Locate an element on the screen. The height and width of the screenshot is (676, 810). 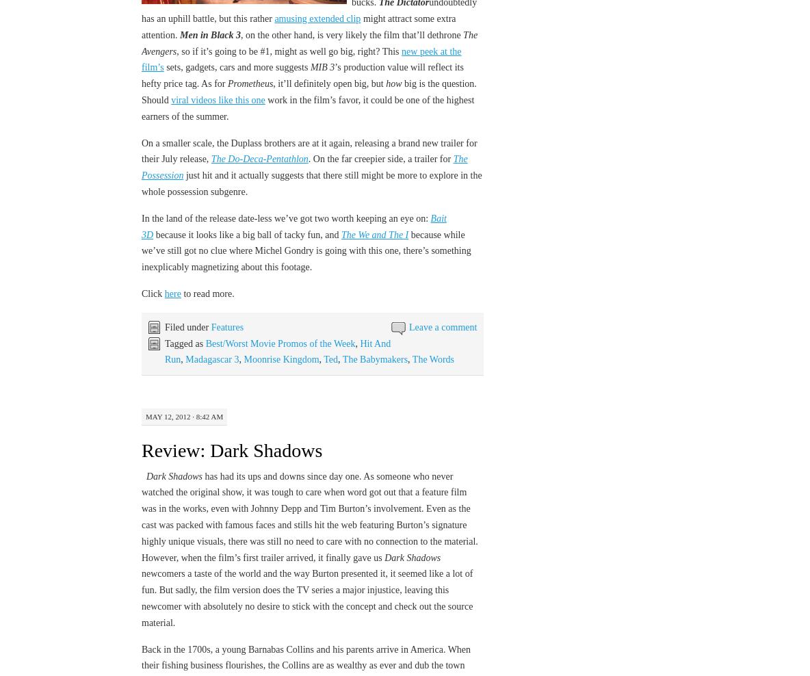
'because while we’ve still got no clue where Michel Gondry is going with this one, there’s something inexplicably magnetizing about this footage.' is located at coordinates (305, 250).